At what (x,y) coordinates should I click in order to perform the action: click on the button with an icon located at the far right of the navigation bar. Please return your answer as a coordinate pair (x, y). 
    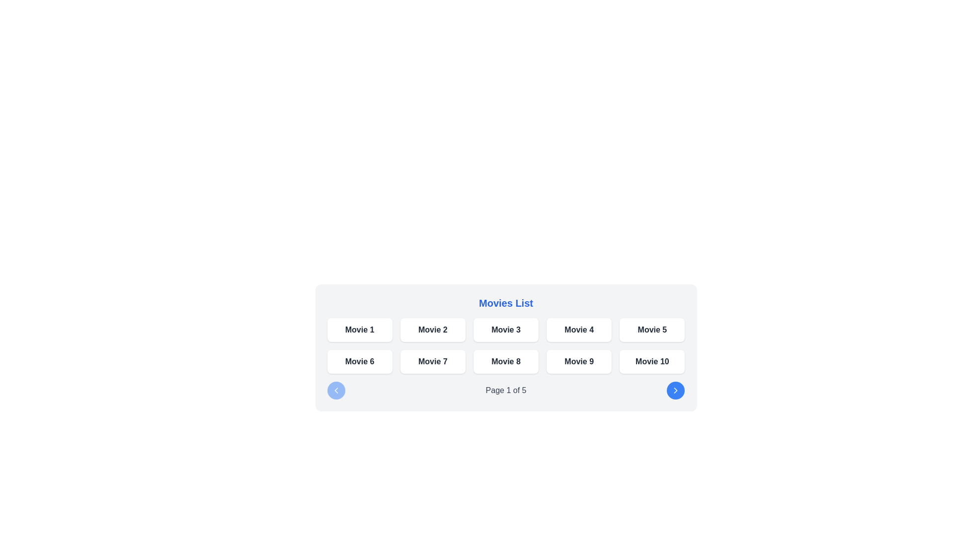
    Looking at the image, I should click on (675, 390).